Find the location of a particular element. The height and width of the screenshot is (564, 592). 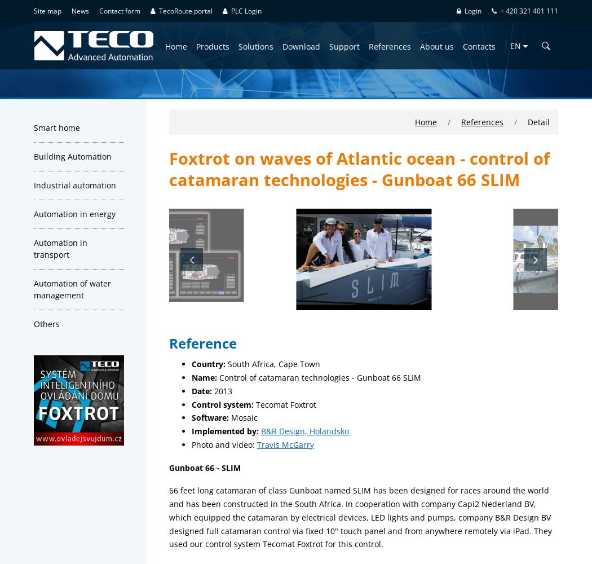

'Implemented by:' is located at coordinates (226, 431).